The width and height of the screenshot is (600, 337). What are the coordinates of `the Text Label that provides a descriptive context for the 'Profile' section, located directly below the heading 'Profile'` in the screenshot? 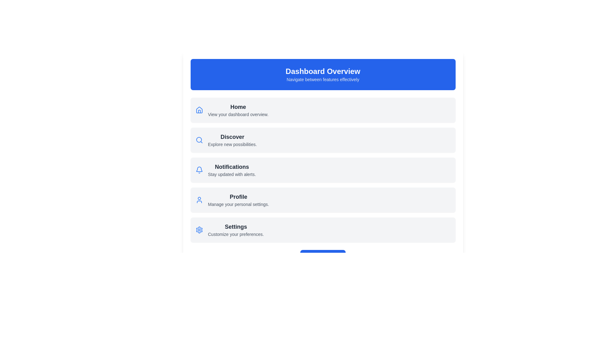 It's located at (238, 204).